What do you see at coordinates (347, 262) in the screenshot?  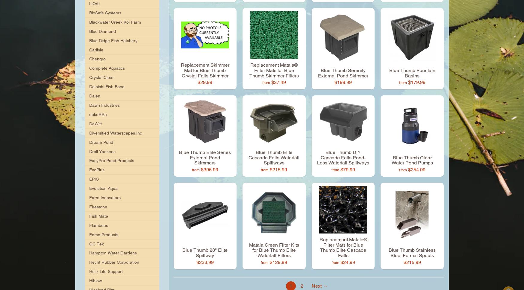 I see `'$24.99'` at bounding box center [347, 262].